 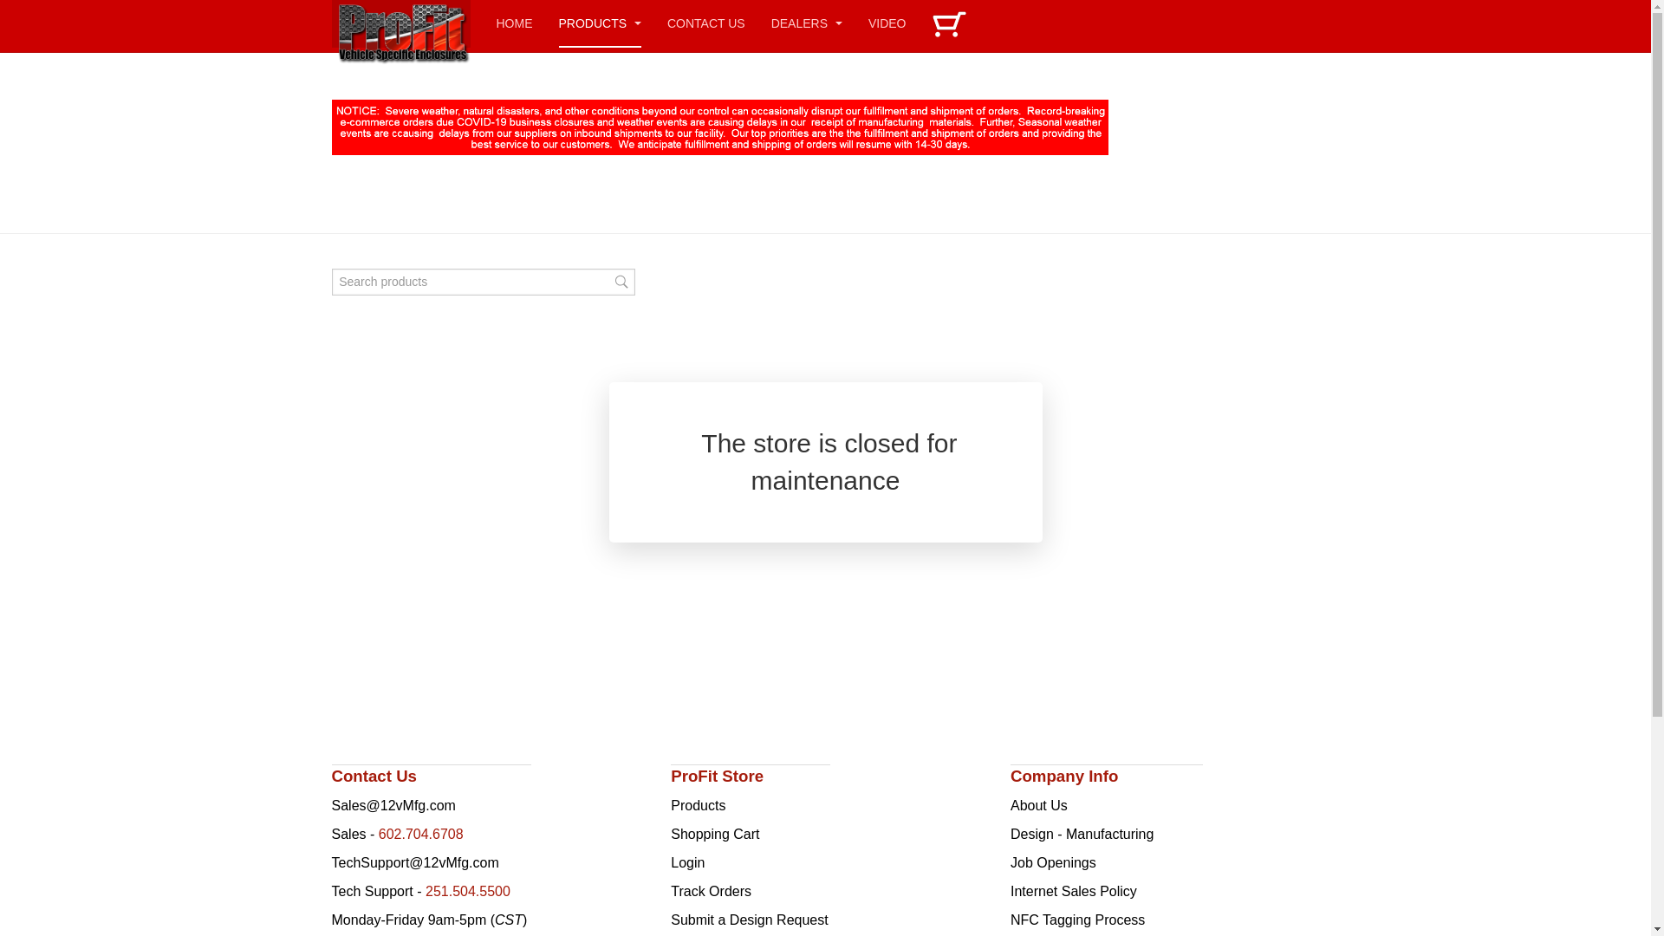 I want to click on 'CONTACT US', so click(x=706, y=23).